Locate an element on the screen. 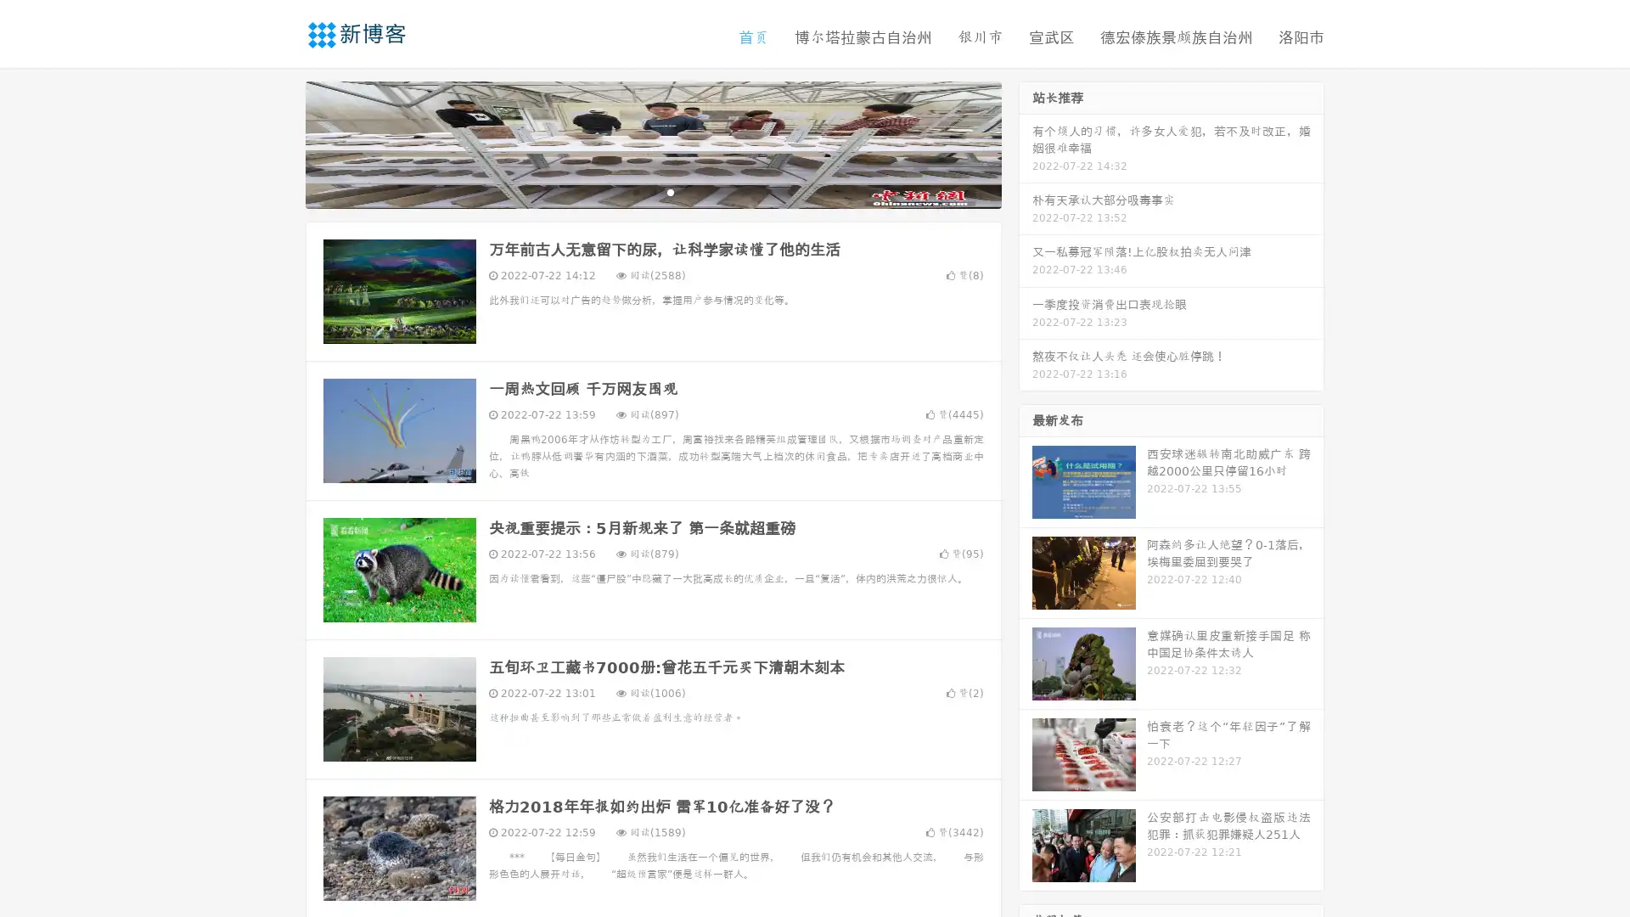  Go to slide 1 is located at coordinates (635, 191).